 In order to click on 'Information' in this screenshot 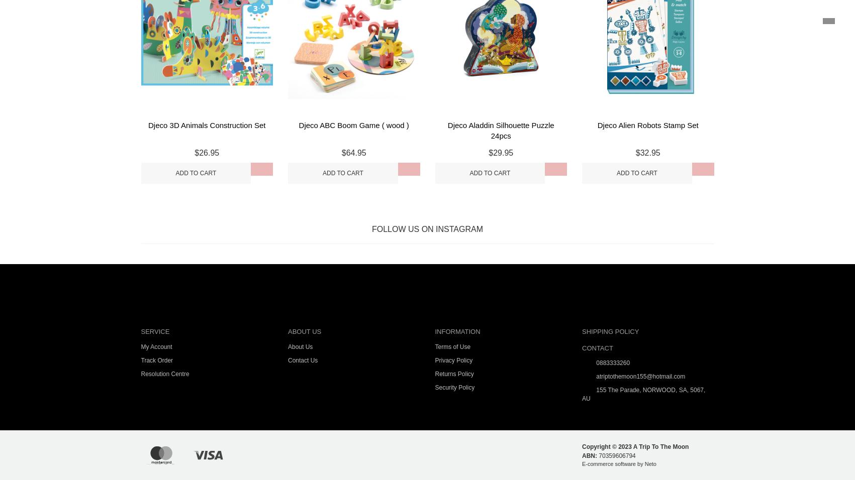, I will do `click(457, 331)`.